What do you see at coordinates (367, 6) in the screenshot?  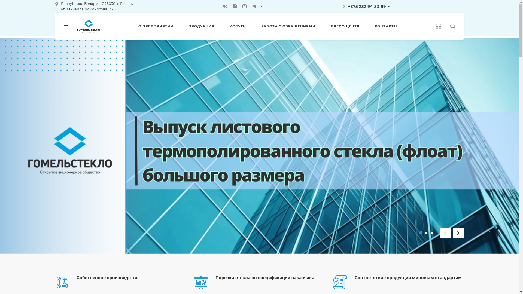 I see `'+375 232 94-33-99'` at bounding box center [367, 6].